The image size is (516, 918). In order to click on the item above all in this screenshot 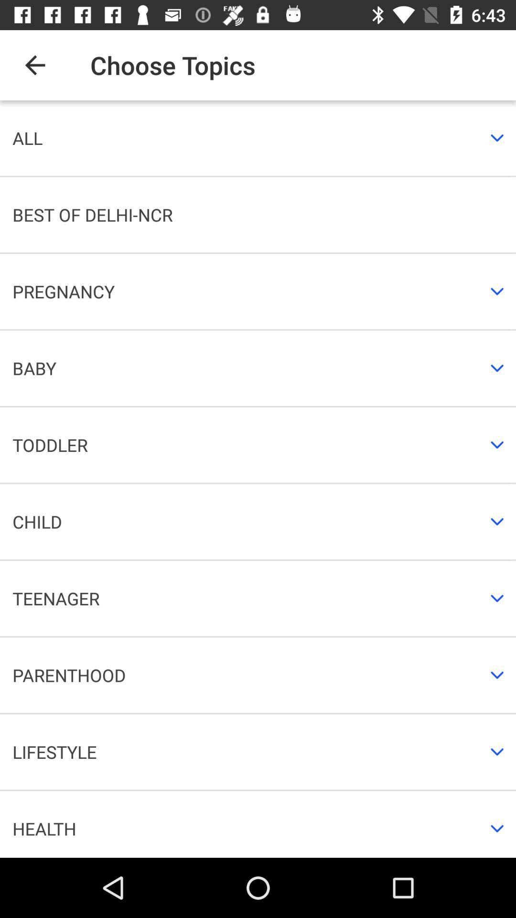, I will do `click(34, 65)`.